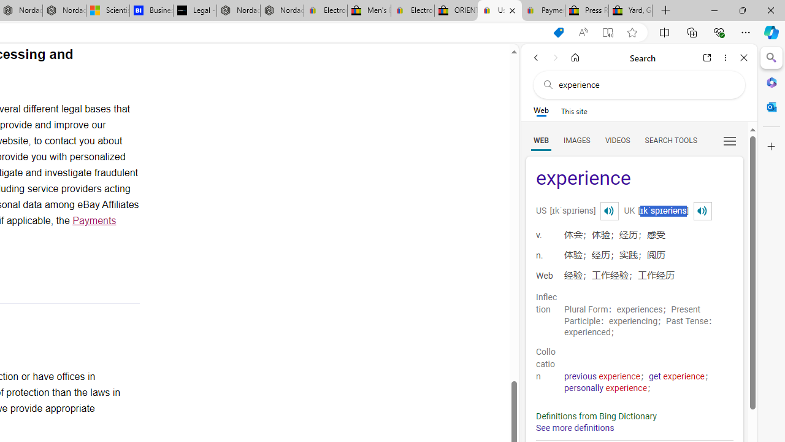  Describe the element at coordinates (670, 139) in the screenshot. I see `'Search Filter, Search Tools'` at that location.